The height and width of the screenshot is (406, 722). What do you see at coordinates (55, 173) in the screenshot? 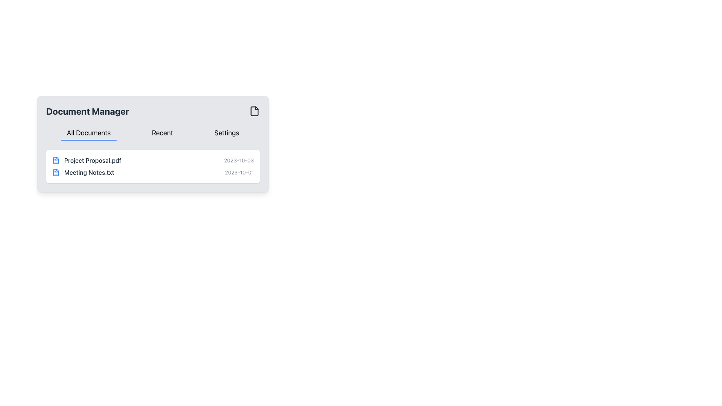
I see `the small blue icon resembling a file or document, located to the left of the text 'Meeting Notes.txt'` at bounding box center [55, 173].